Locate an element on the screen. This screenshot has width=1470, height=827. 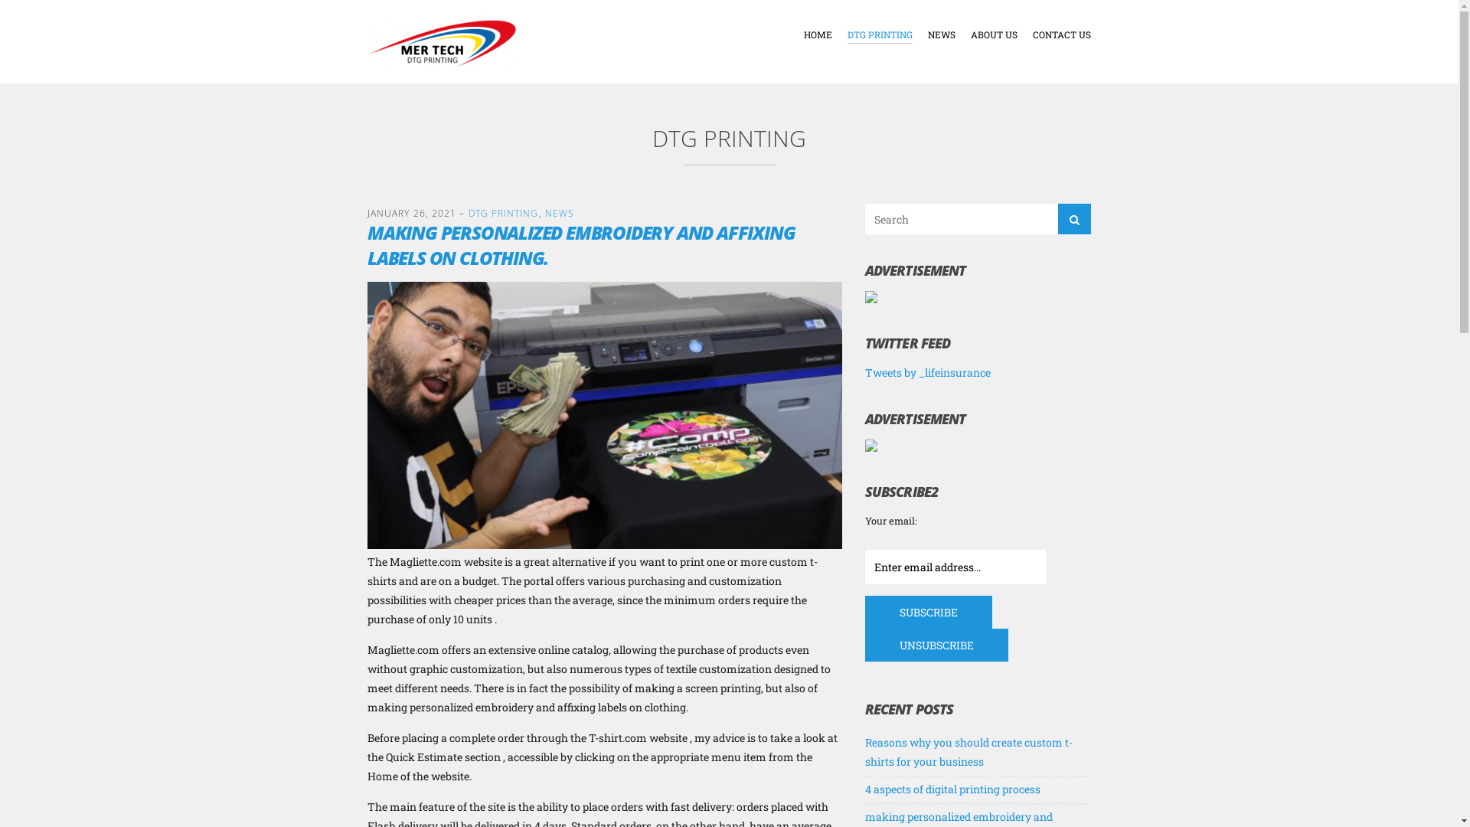
'Tweets by _lifeinsurance' is located at coordinates (864, 372).